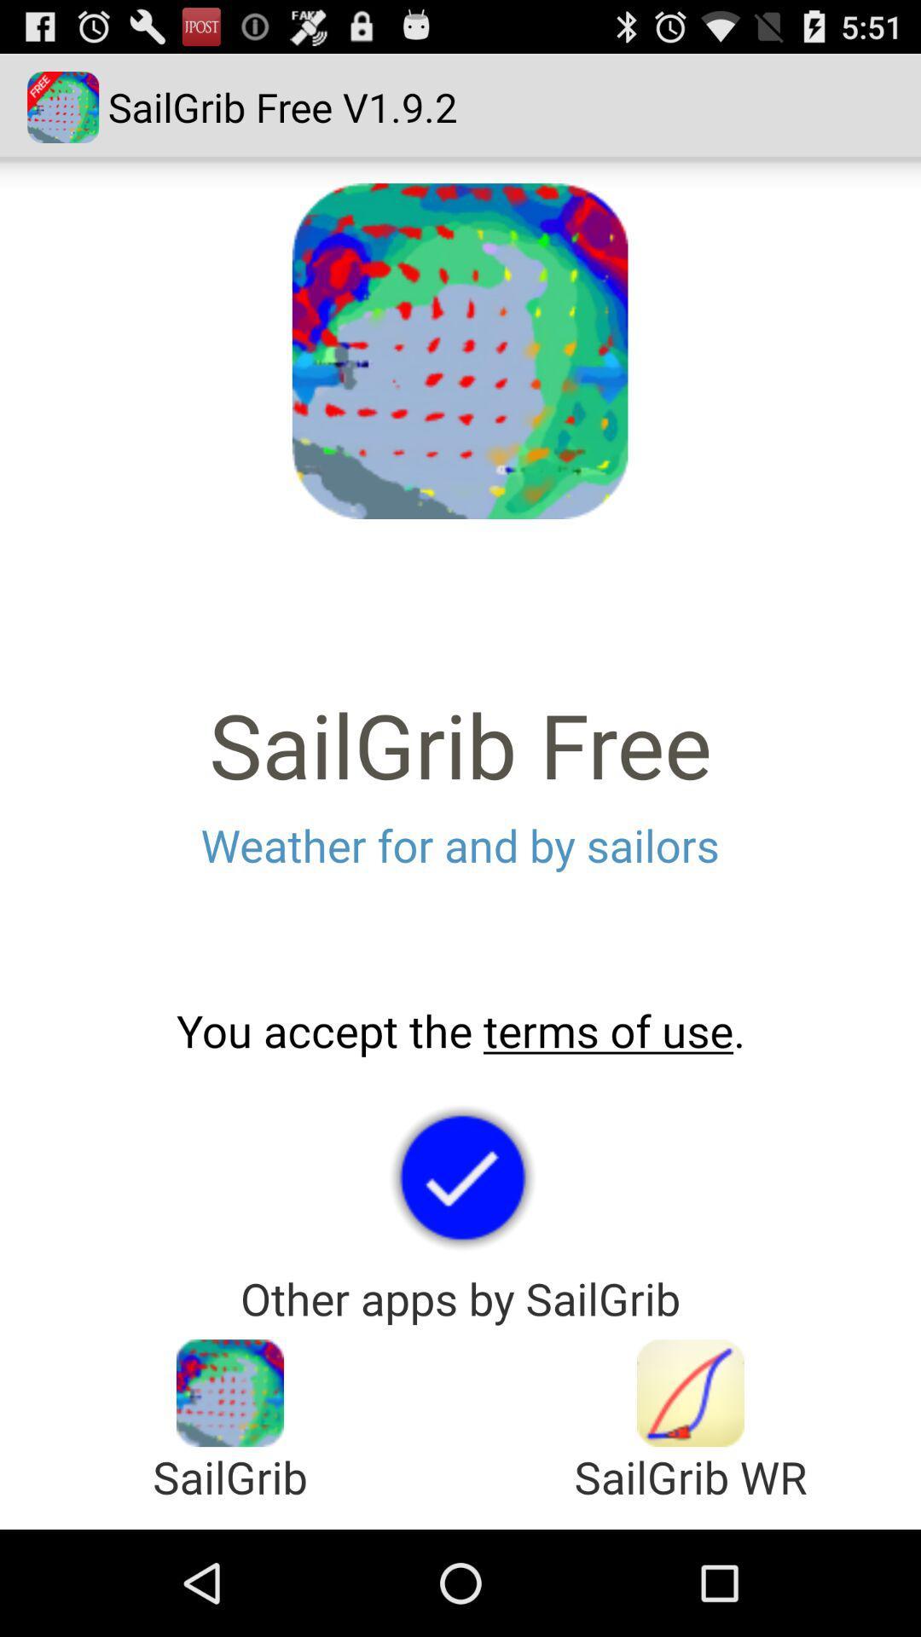 The width and height of the screenshot is (921, 1637). I want to click on the you accept the item, so click(460, 1030).